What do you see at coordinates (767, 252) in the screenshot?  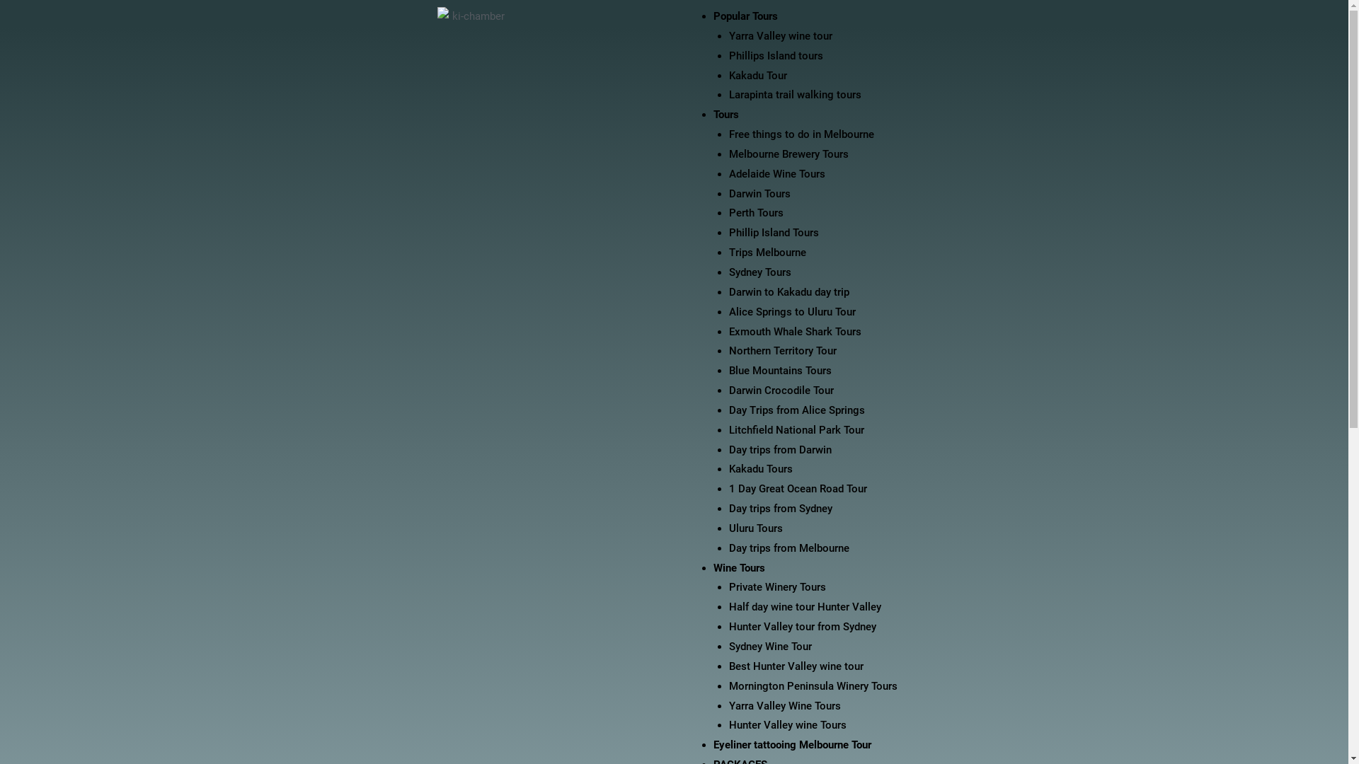 I see `'Trips Melbourne'` at bounding box center [767, 252].